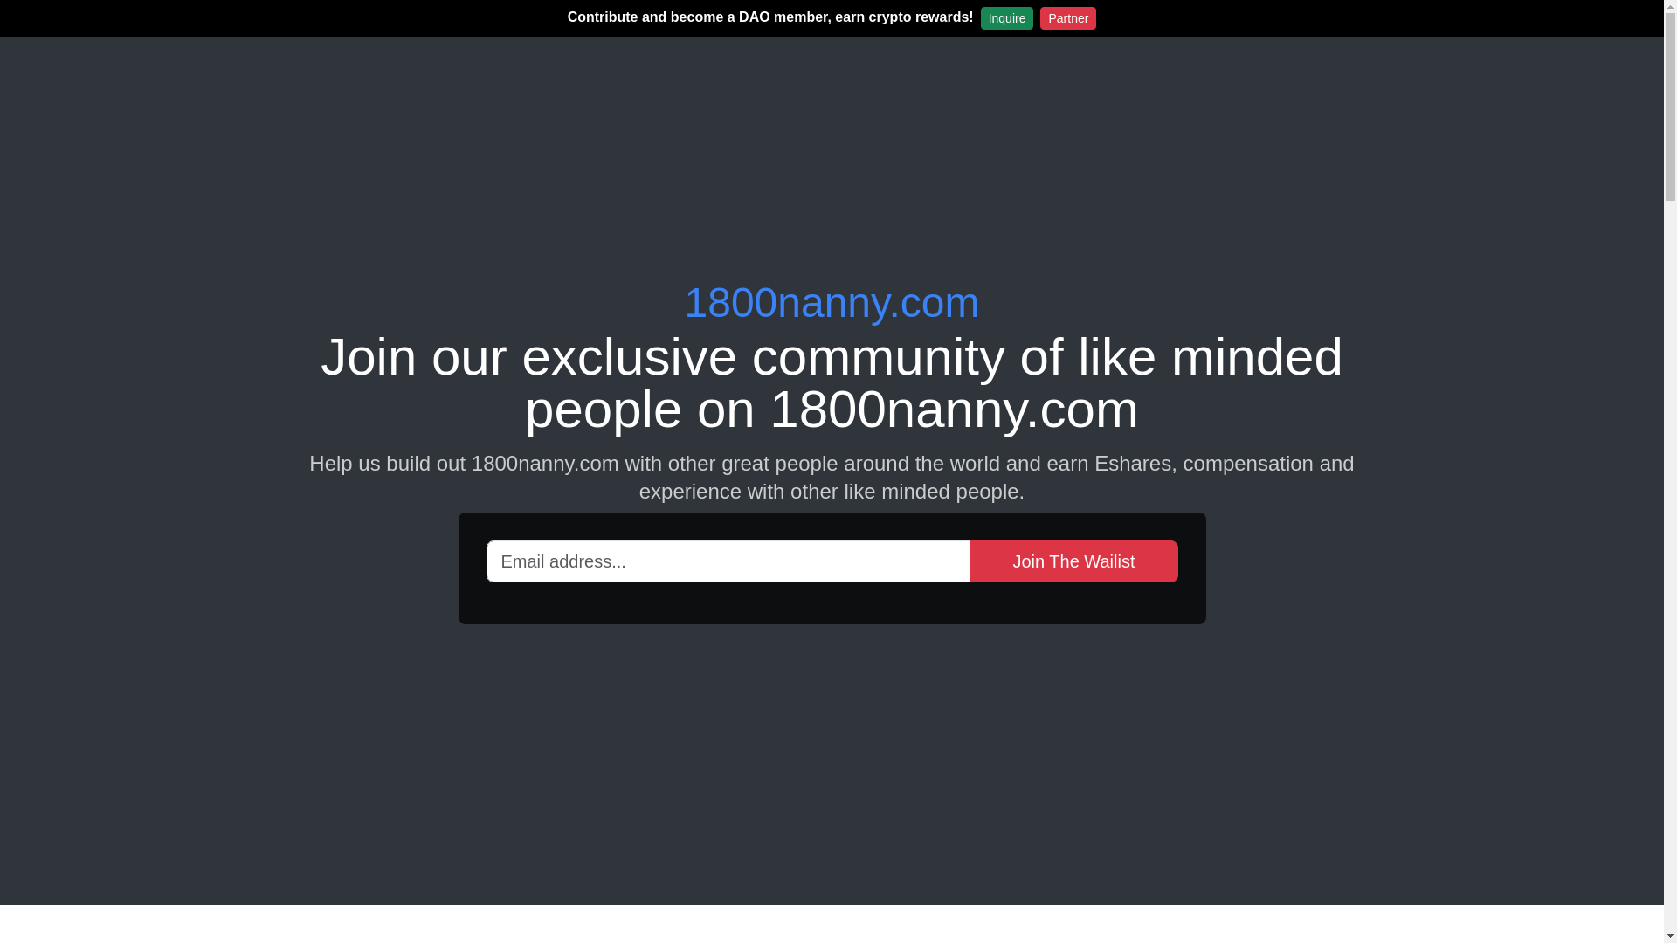 This screenshot has width=1677, height=943. Describe the element at coordinates (968, 560) in the screenshot. I see `'Join The Wailist'` at that location.